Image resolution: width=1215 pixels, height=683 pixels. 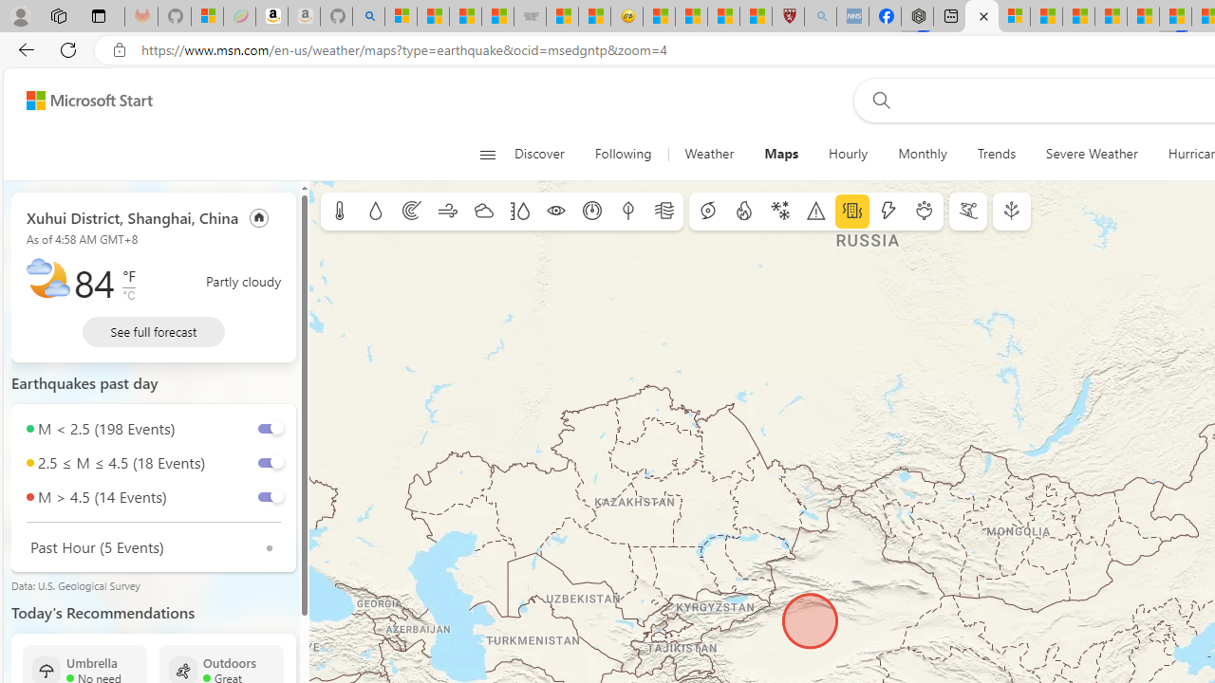 I want to click on 'Precipitation', so click(x=375, y=212).